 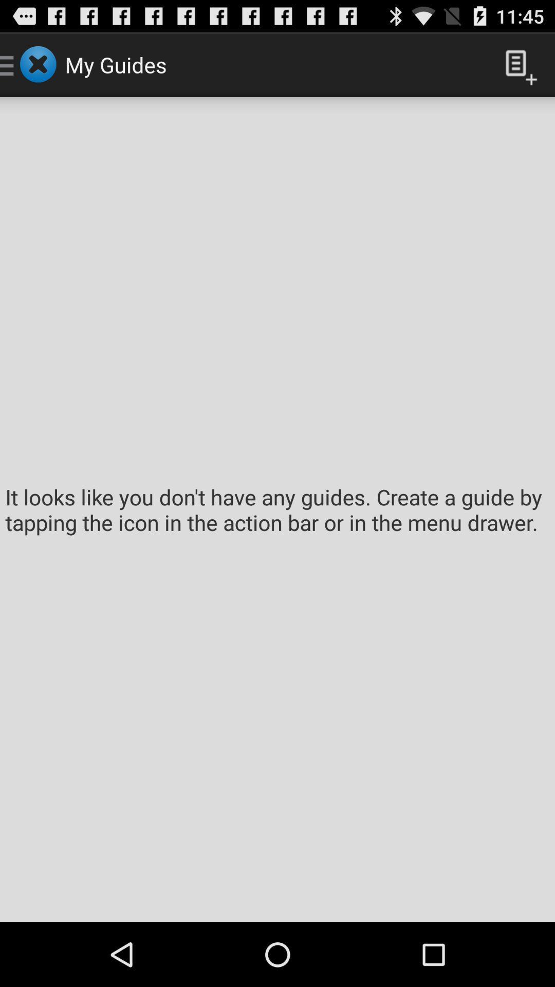 I want to click on icon to the right of the my guides icon, so click(x=517, y=64).